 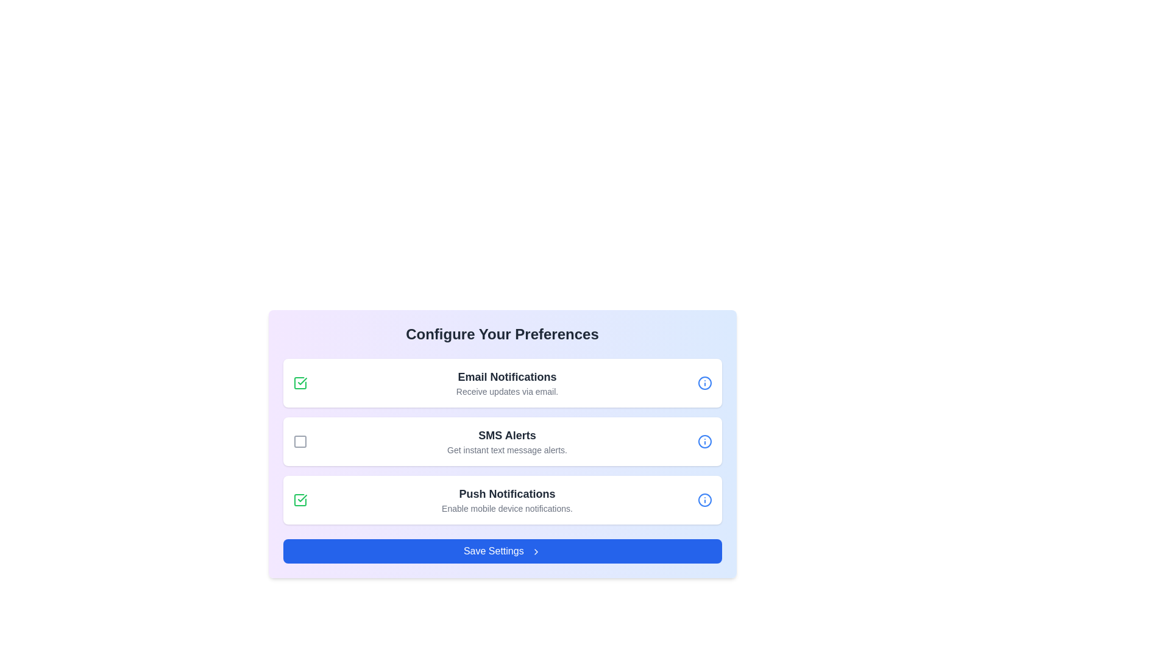 What do you see at coordinates (704, 500) in the screenshot?
I see `the circular icon with a blue stroke and white fill located in the lower-right corner of the 'Push Notifications' section` at bounding box center [704, 500].